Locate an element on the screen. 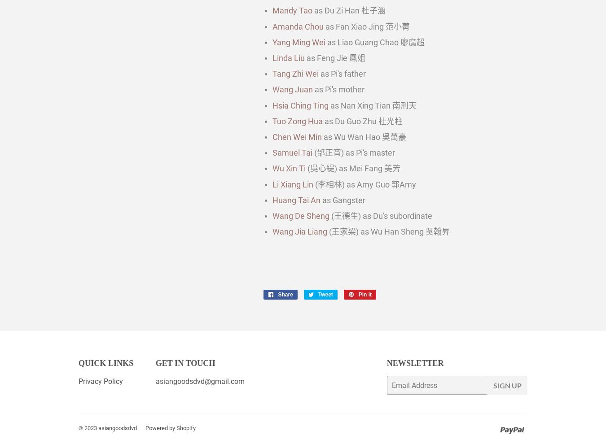 The image size is (606, 444). 'Share' is located at coordinates (277, 294).